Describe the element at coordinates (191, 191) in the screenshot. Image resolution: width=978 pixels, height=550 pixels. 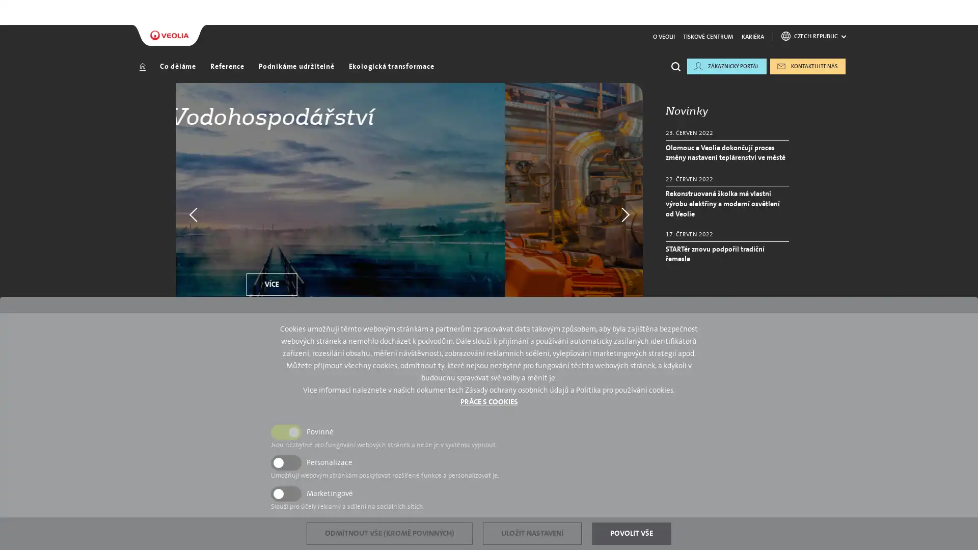
I see `Previous` at that location.